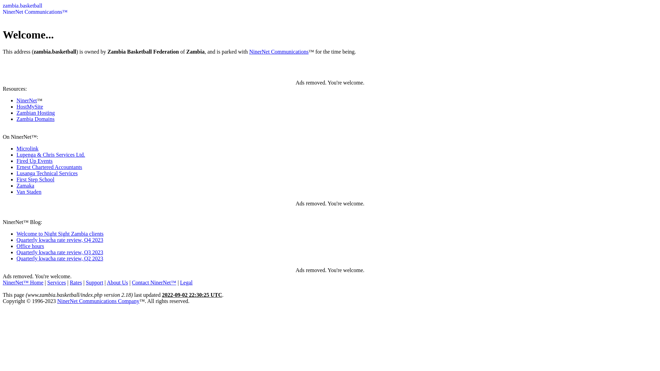 The image size is (660, 371). I want to click on 'Zambia Domains', so click(16, 119).